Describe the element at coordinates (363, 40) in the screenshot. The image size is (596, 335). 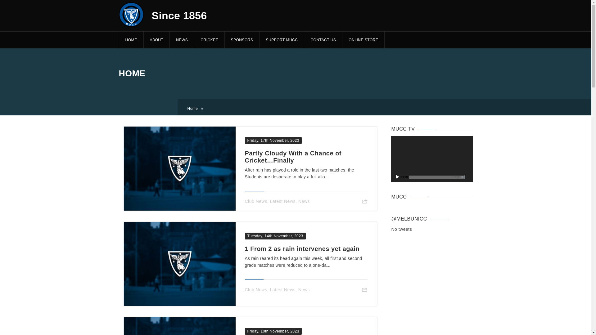
I see `'ONLINE STORE'` at that location.